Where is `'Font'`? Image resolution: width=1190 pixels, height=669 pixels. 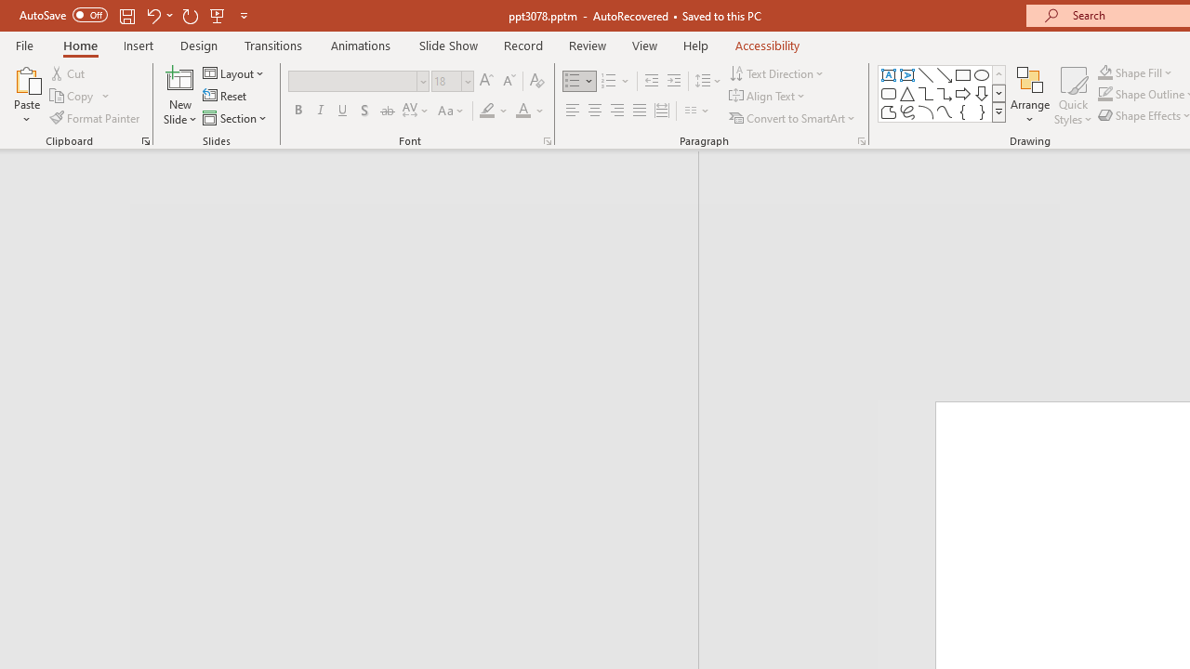 'Font' is located at coordinates (352, 80).